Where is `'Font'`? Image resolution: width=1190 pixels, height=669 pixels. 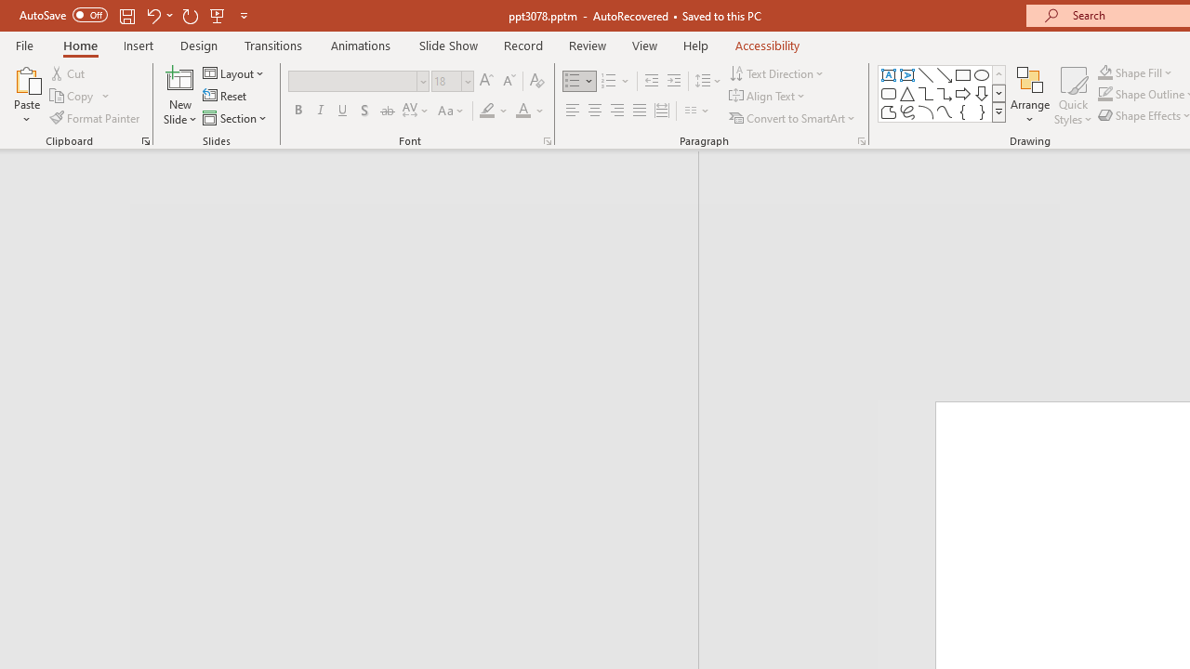 'Font' is located at coordinates (352, 80).